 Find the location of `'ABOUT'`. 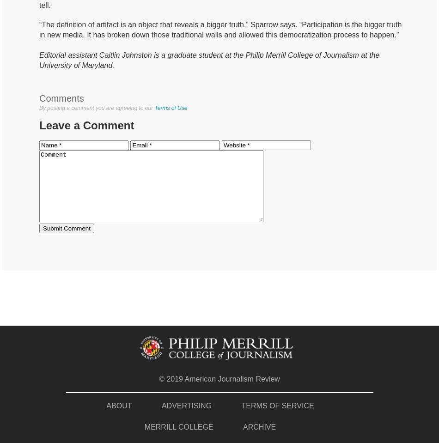

'ABOUT' is located at coordinates (118, 405).